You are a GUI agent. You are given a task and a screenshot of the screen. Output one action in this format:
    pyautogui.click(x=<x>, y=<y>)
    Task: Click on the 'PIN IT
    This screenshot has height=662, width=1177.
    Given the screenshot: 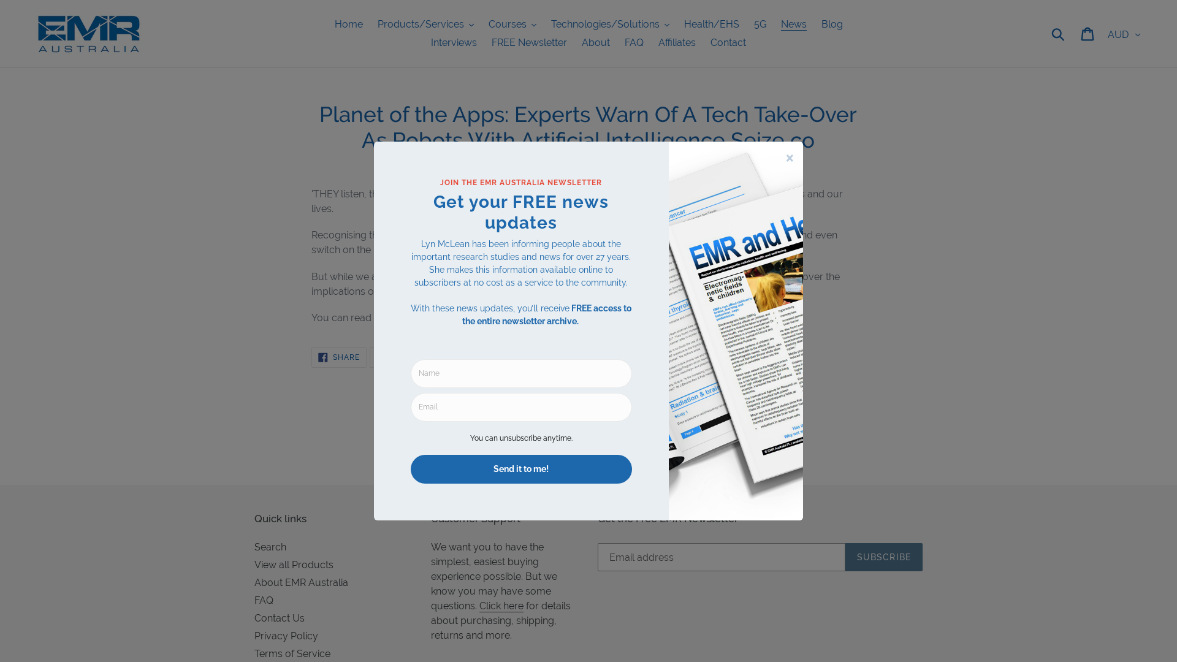 What is the action you would take?
    pyautogui.click(x=454, y=357)
    